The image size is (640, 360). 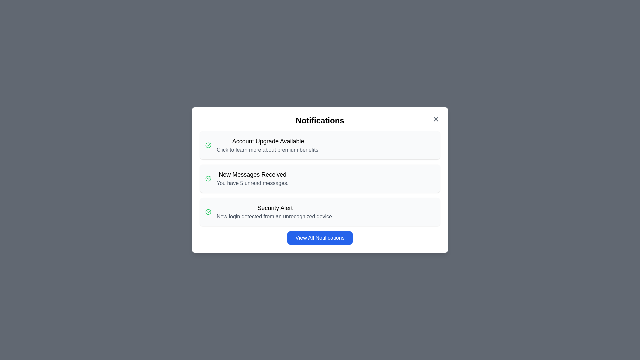 What do you see at coordinates (320, 212) in the screenshot?
I see `title and message of the third notification card in the modal, which alerts the user about a login from an unrecognized device` at bounding box center [320, 212].